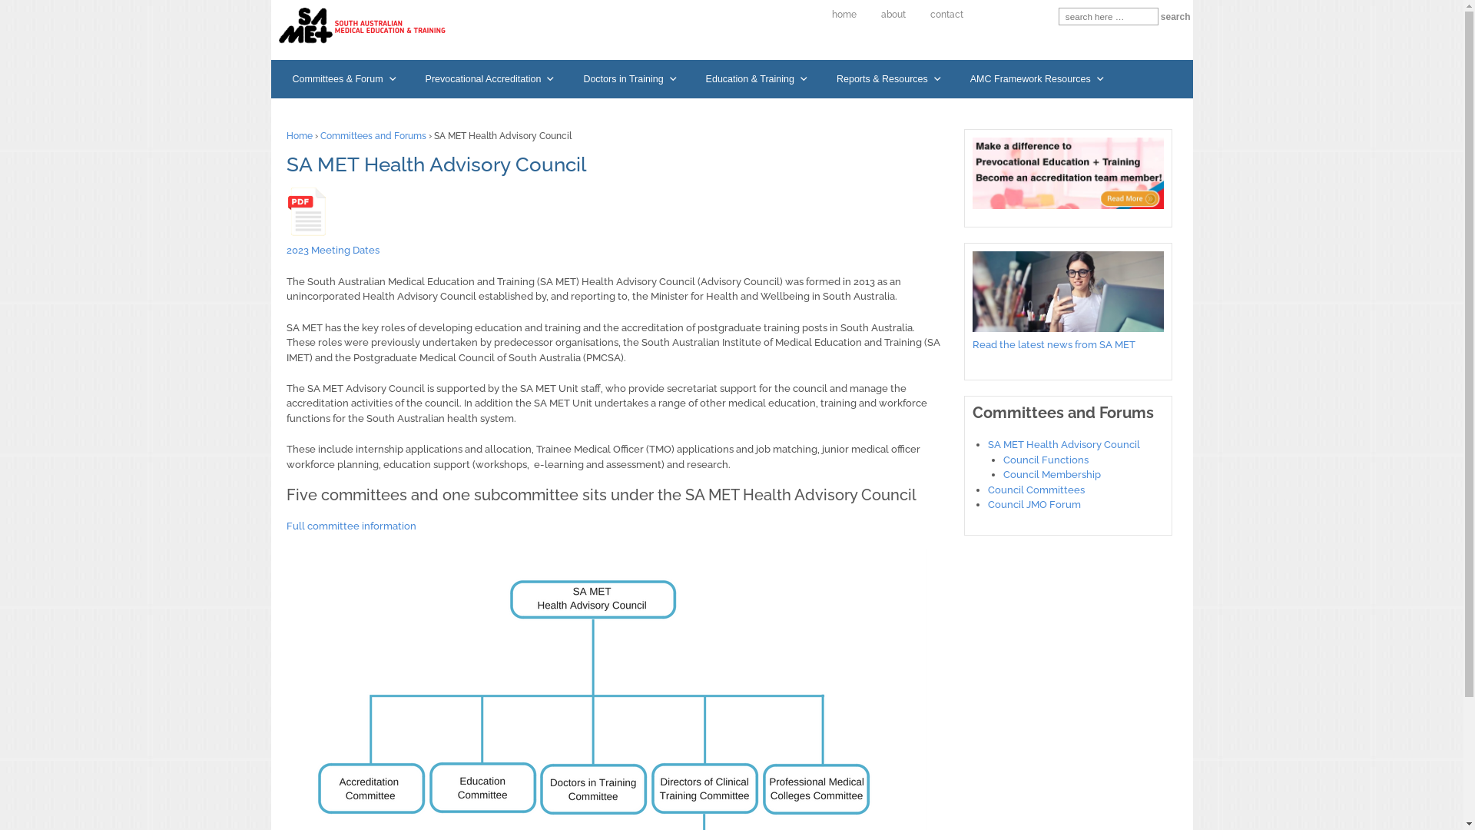 The width and height of the screenshot is (1475, 830). I want to click on 'Council Functions', so click(1045, 458).